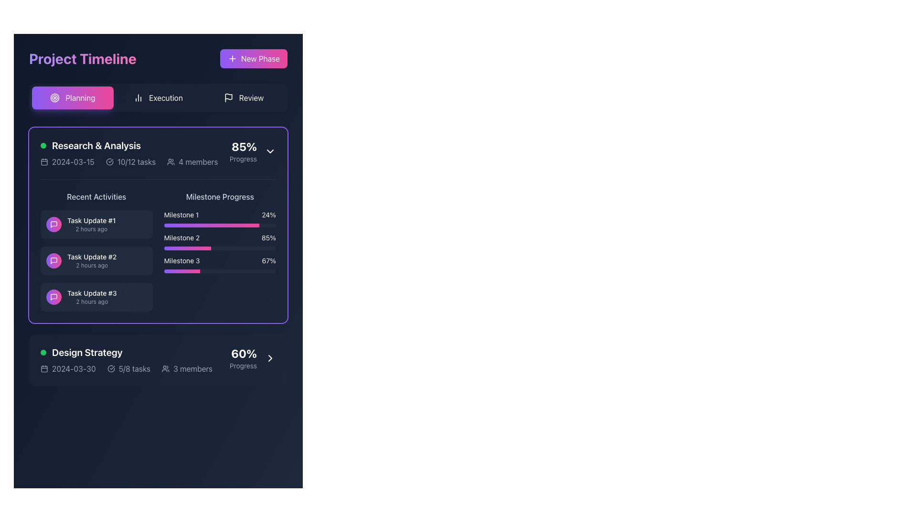  Describe the element at coordinates (219, 196) in the screenshot. I see `the text label displaying 'Milestone Progress' located at the top of the 'Recent Activities' section` at that location.